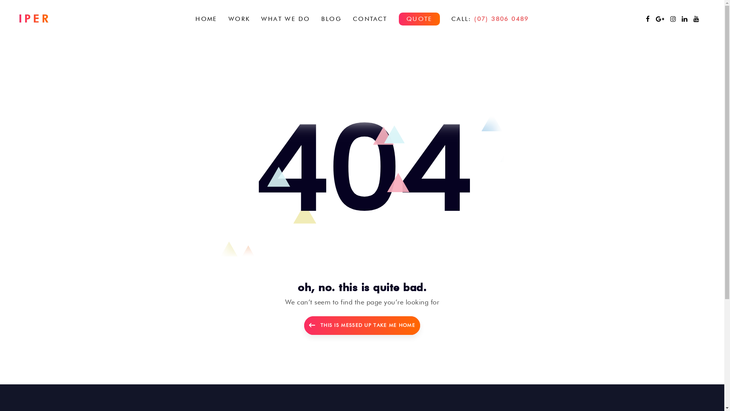 The image size is (730, 411). I want to click on 'THIS IS MESSED UP TAKE ME HOME', so click(362, 325).